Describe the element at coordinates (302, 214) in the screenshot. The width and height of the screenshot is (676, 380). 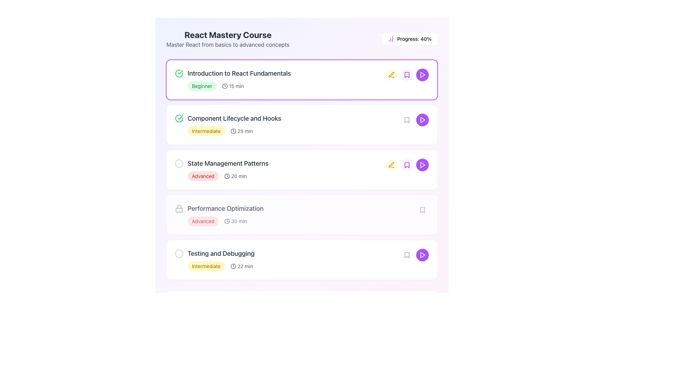
I see `the Card component that contains a lock icon, the text 'Performance Optimization' in bold gray font, the label 'Advanced' in a red rounded background, and a clock icon followed by '30 min' in gray, located as the fourth item in a list of course modules` at that location.